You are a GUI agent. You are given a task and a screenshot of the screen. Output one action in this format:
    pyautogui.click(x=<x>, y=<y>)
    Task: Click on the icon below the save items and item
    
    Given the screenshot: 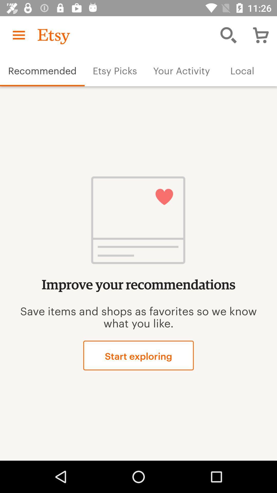 What is the action you would take?
    pyautogui.click(x=138, y=355)
    